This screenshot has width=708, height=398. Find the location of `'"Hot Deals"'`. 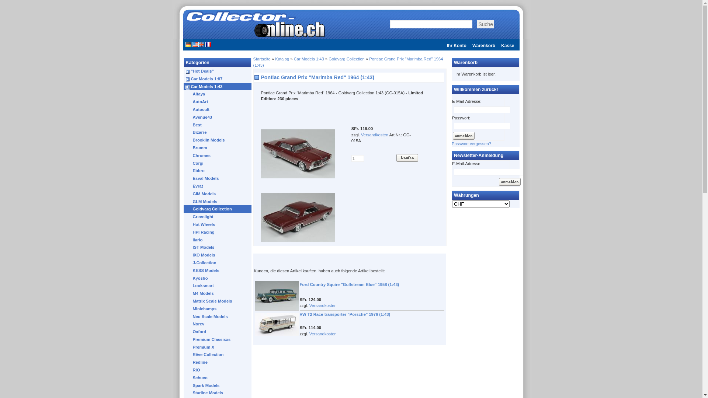

'"Hot Deals"' is located at coordinates (219, 71).